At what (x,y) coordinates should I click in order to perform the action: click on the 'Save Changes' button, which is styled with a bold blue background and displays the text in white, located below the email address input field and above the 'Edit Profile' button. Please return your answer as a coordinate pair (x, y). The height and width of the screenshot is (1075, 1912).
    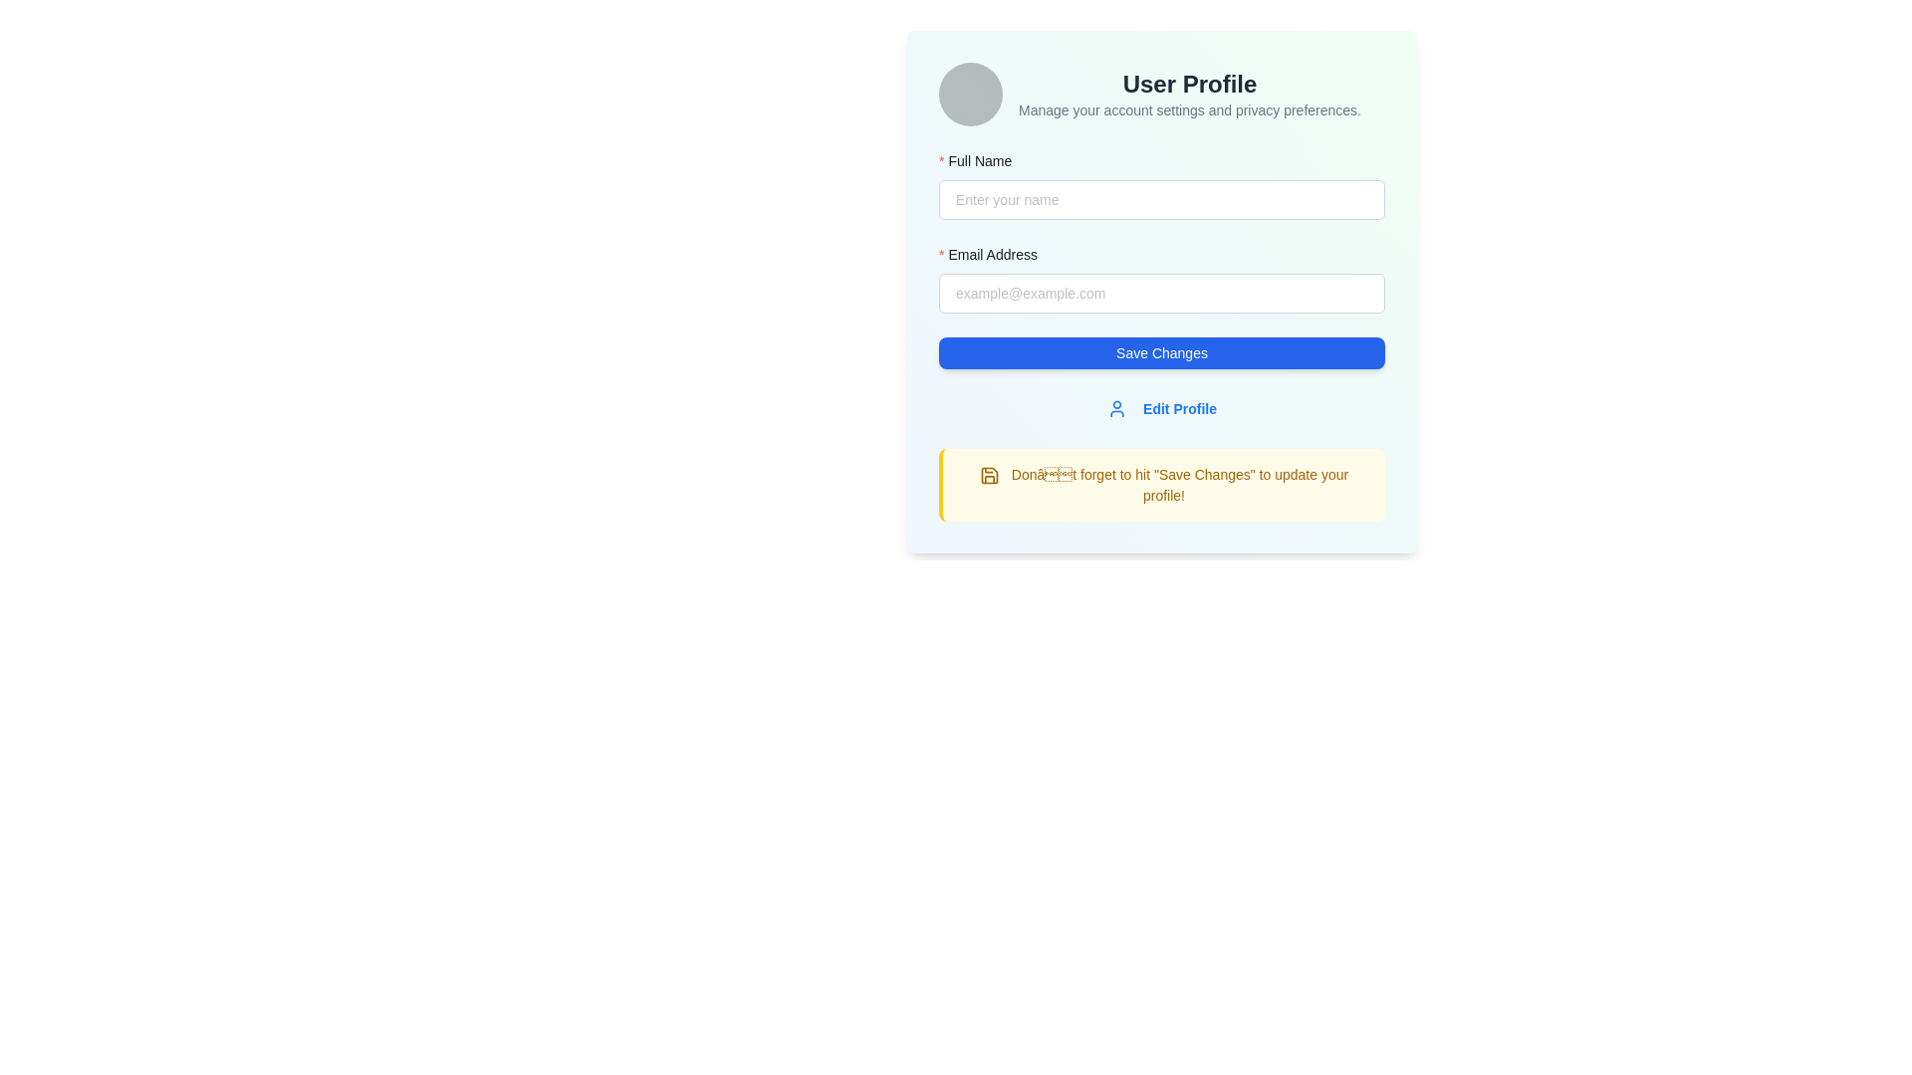
    Looking at the image, I should click on (1161, 351).